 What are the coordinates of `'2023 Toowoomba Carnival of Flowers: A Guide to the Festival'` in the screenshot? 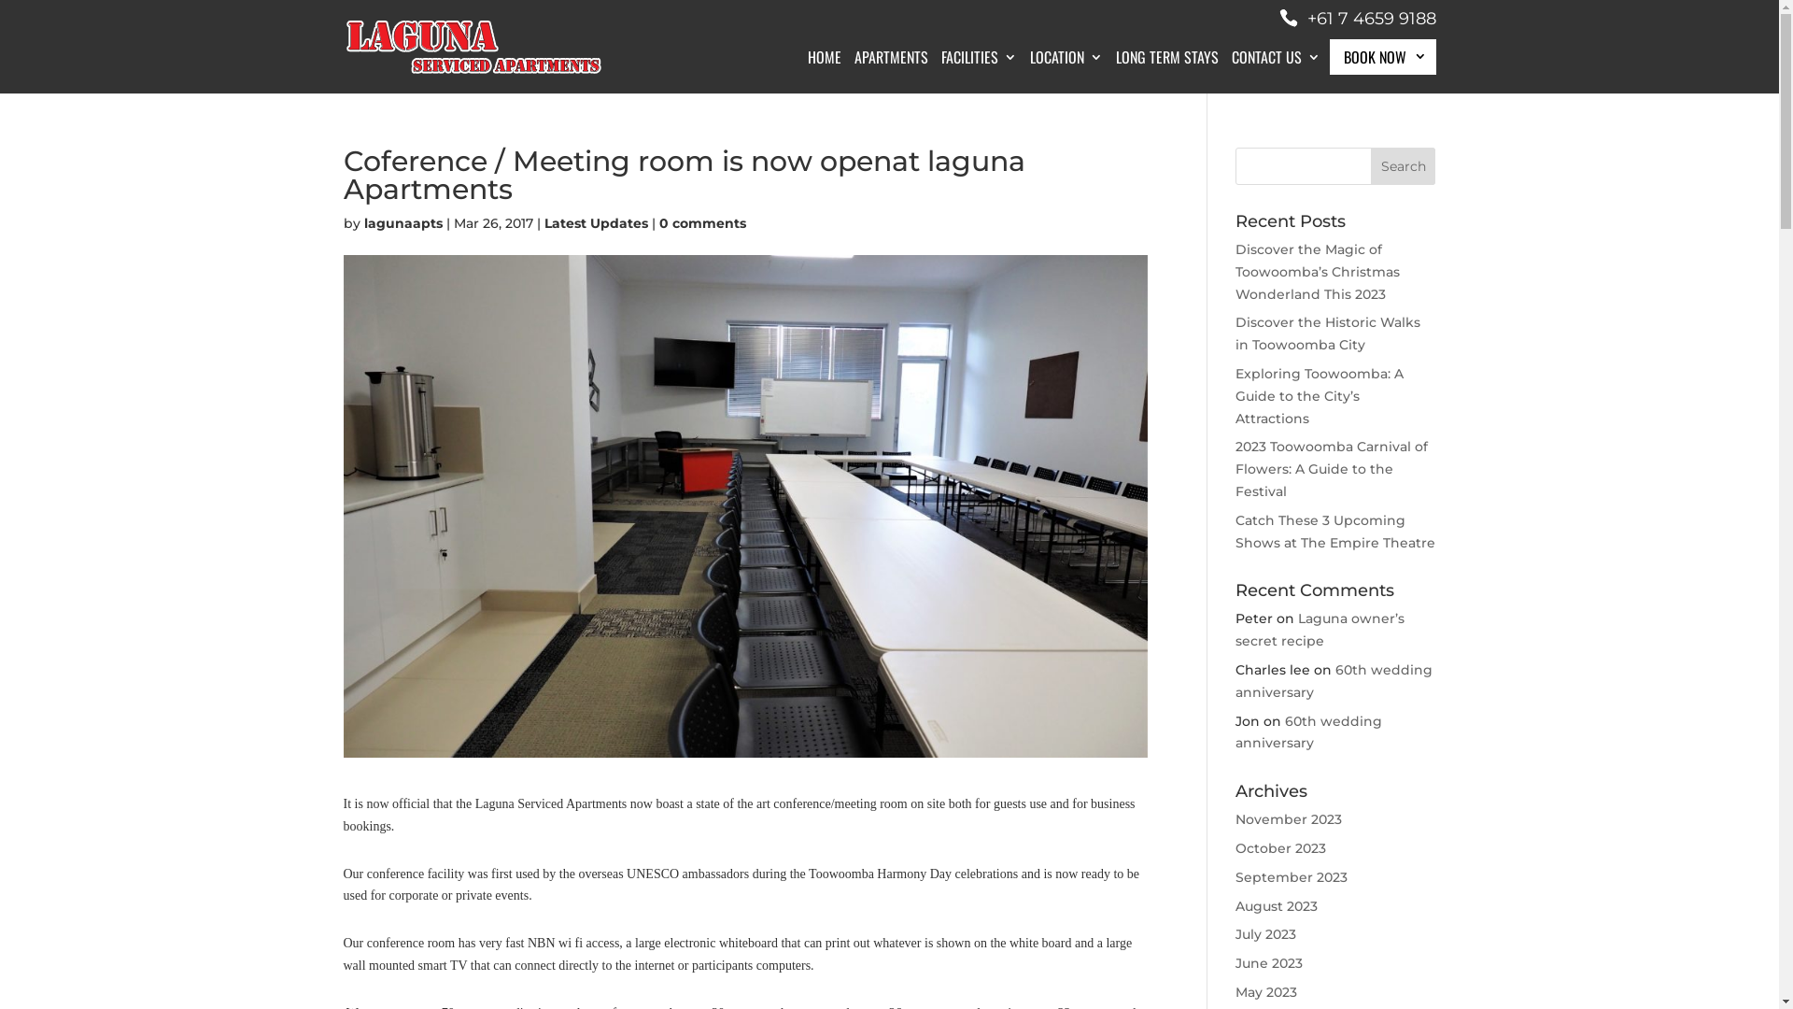 It's located at (1330, 467).